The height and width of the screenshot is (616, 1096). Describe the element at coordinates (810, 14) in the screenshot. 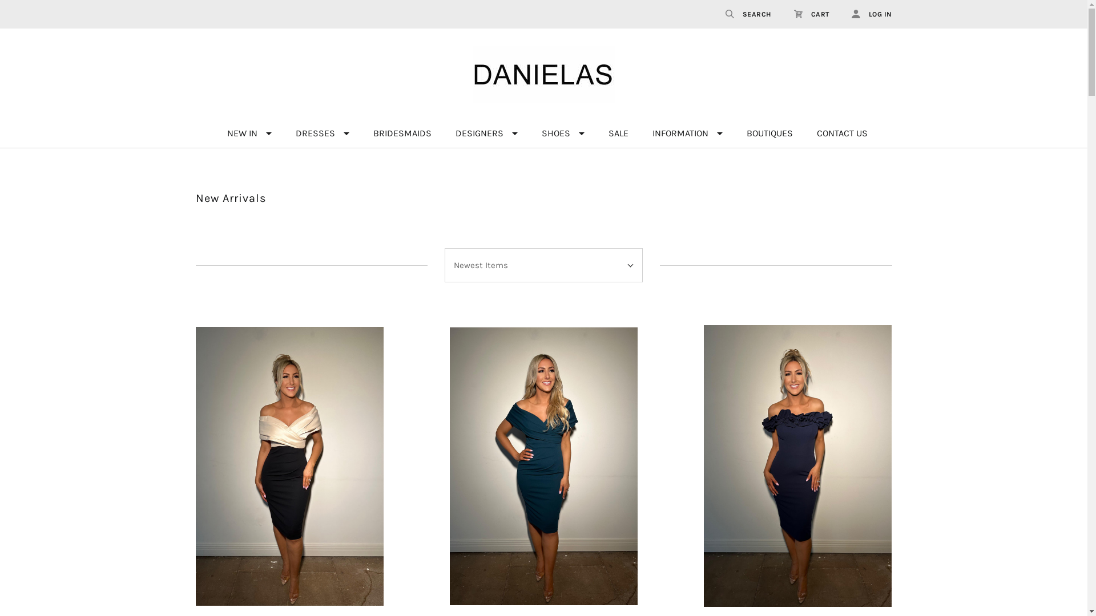

I see `'CART'` at that location.